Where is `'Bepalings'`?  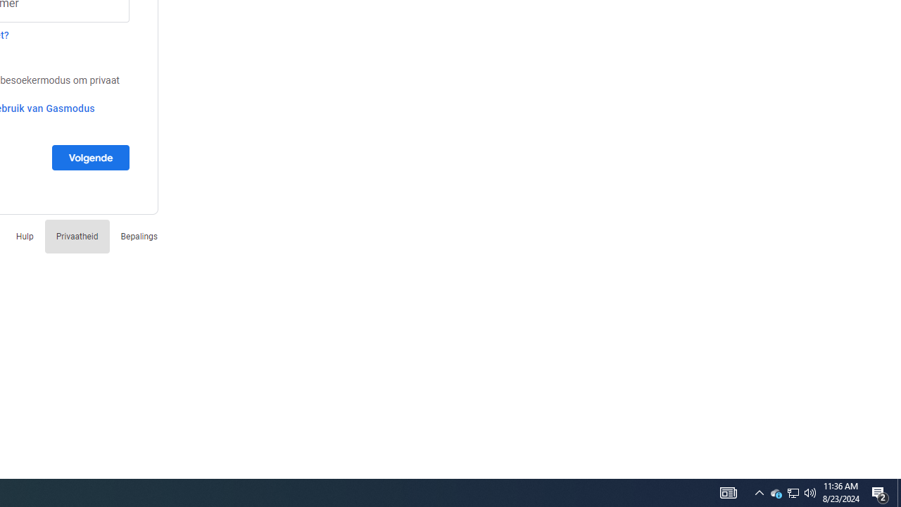 'Bepalings' is located at coordinates (139, 235).